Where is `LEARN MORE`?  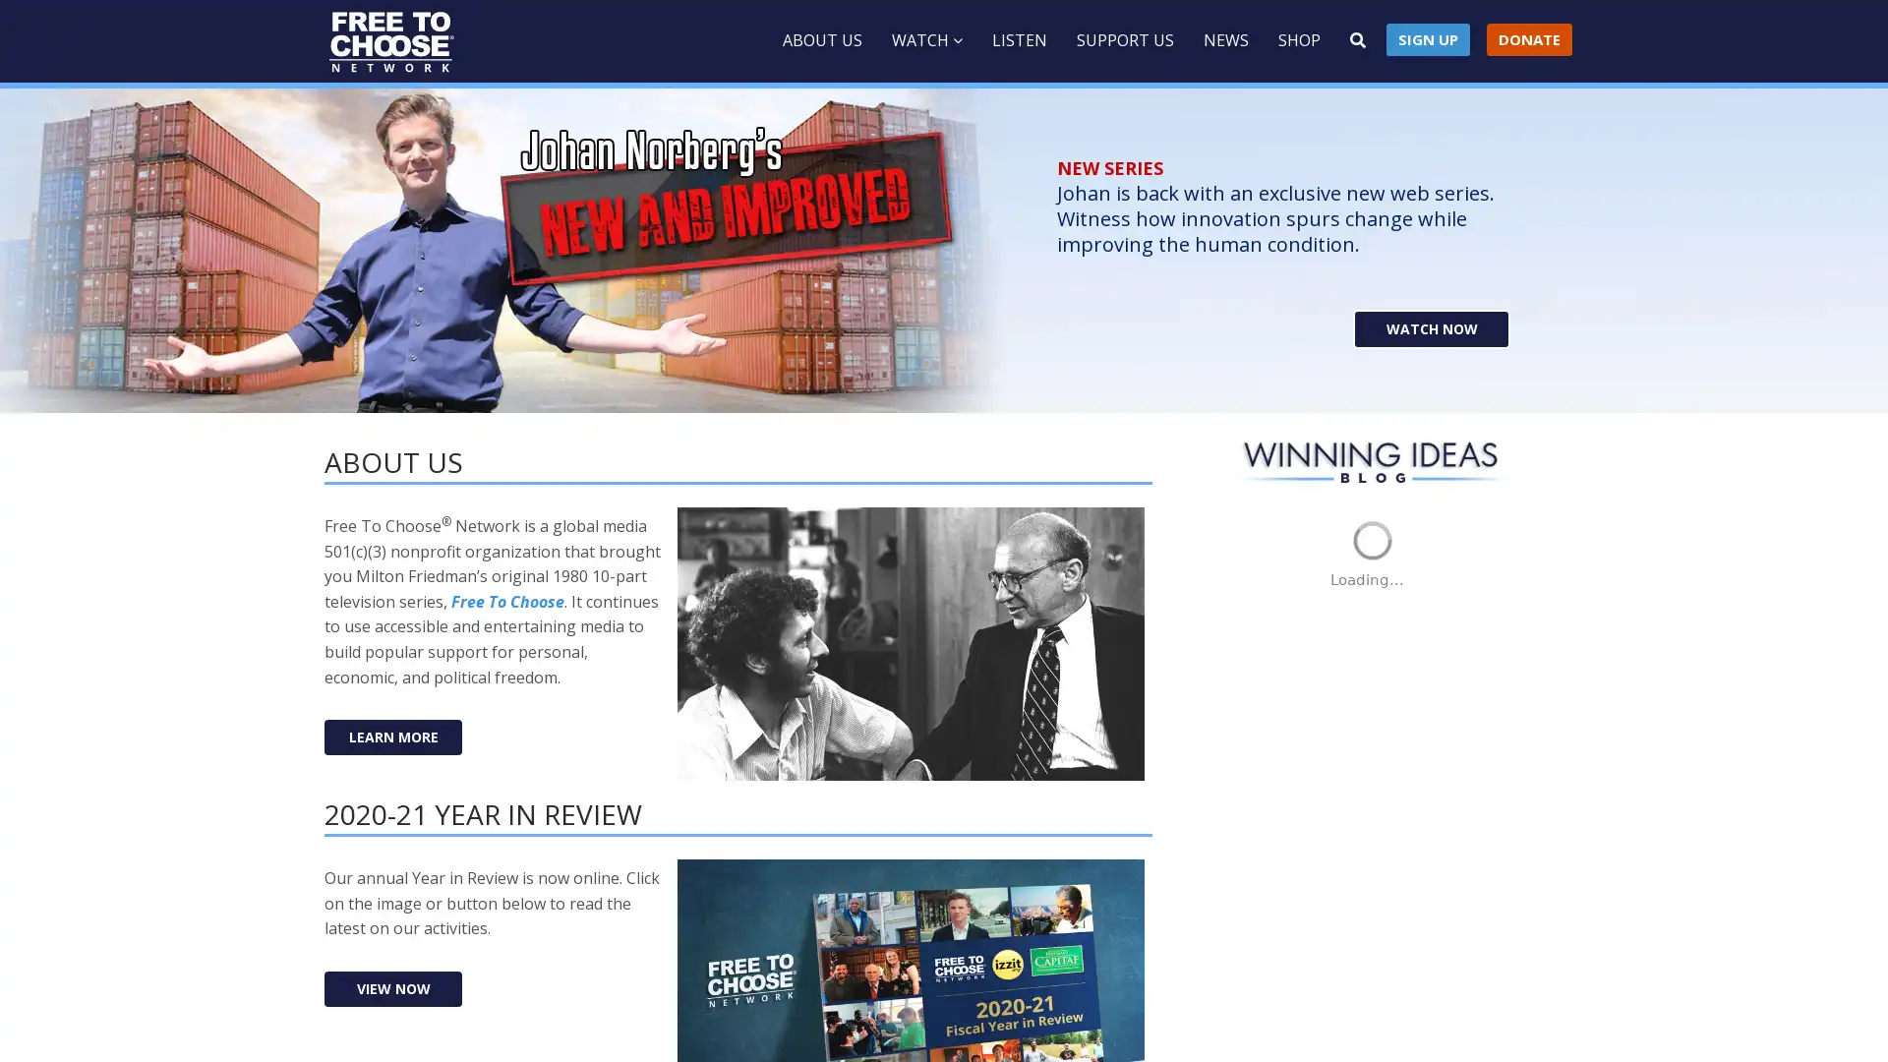
LEARN MORE is located at coordinates (392, 737).